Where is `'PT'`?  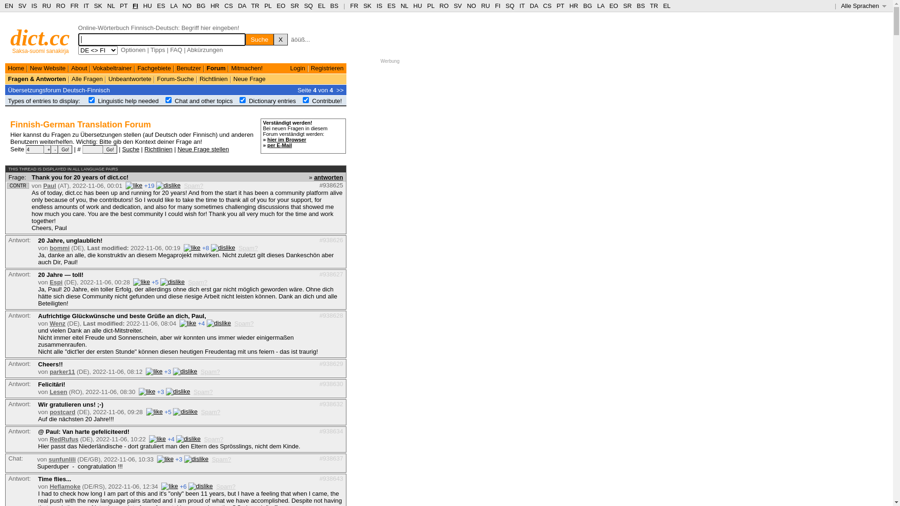 'PT' is located at coordinates (123, 6).